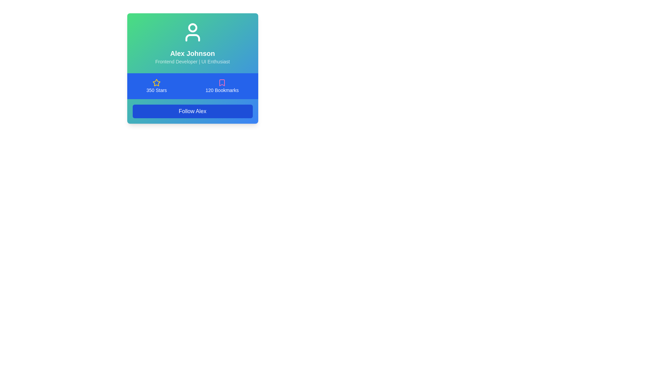  Describe the element at coordinates (222, 82) in the screenshot. I see `the bookmarks icon, which visually represents the bookmarks feature and is centrally positioned to the right of '350 Stars' and above '120 Bookmarks'` at that location.